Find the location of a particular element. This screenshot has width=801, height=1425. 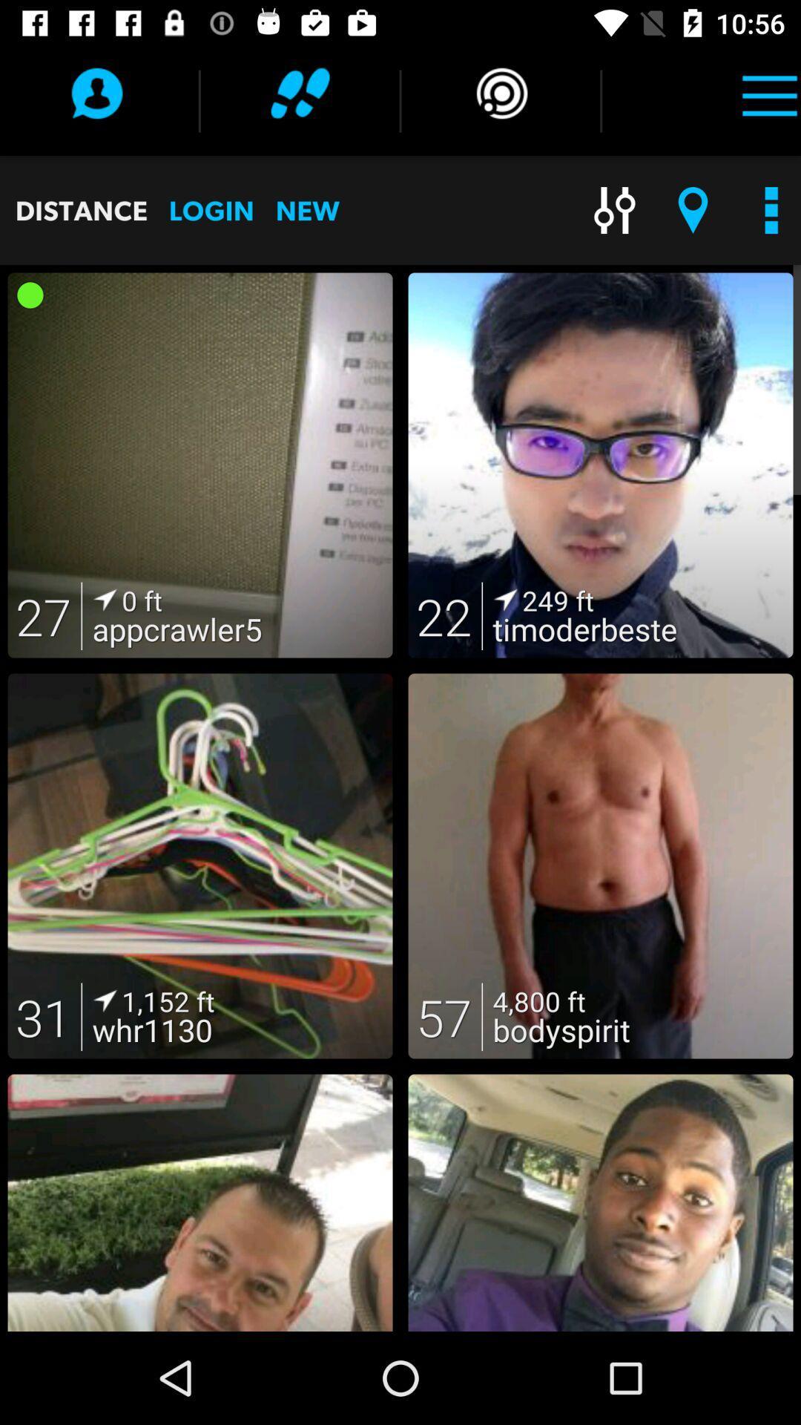

the first image is located at coordinates (200, 465).